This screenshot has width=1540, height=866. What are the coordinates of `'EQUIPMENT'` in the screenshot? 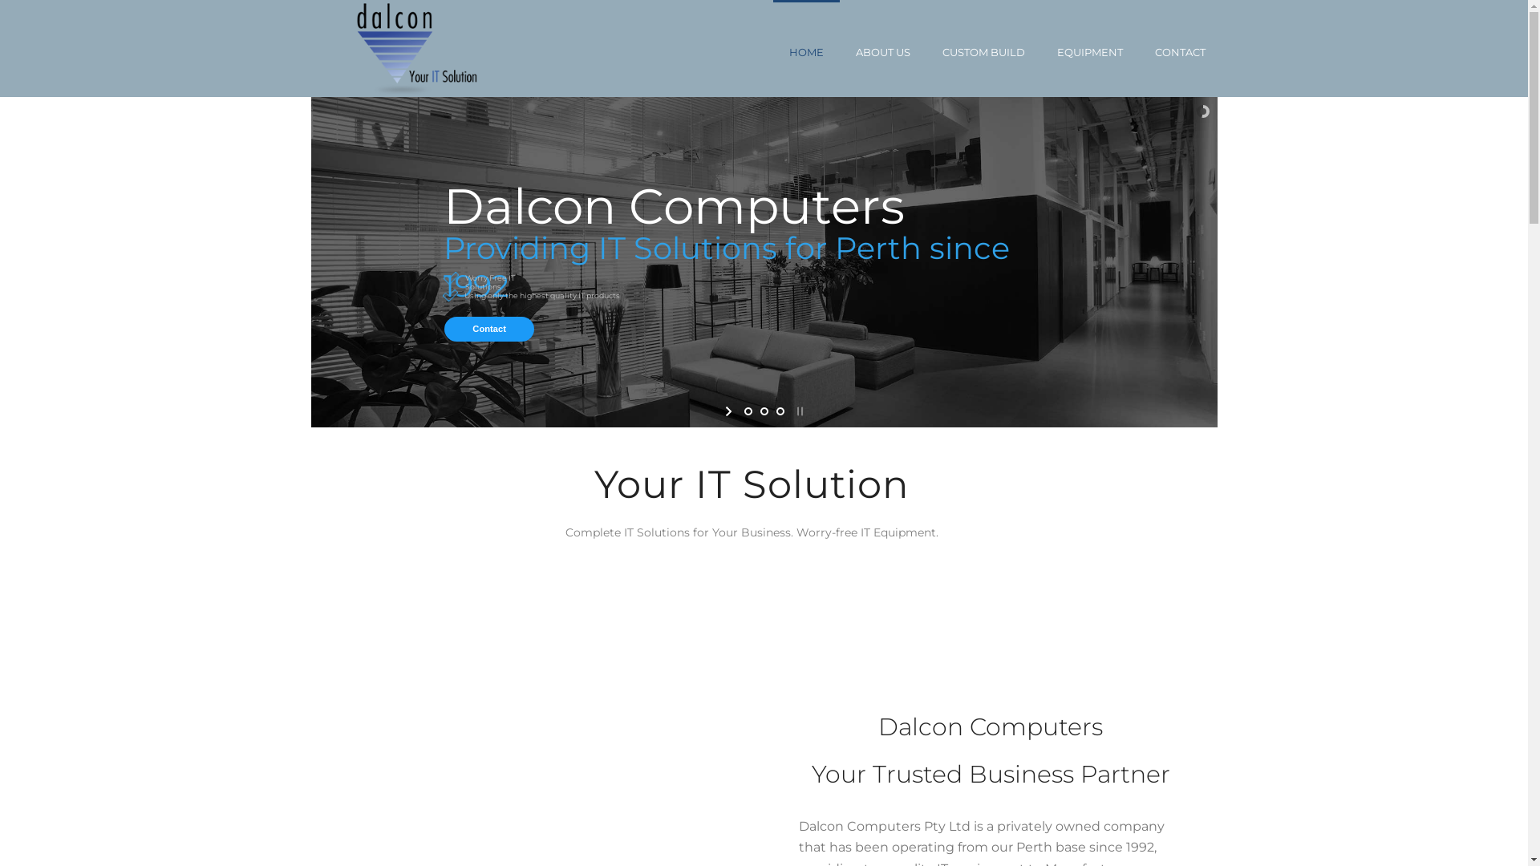 It's located at (1089, 47).